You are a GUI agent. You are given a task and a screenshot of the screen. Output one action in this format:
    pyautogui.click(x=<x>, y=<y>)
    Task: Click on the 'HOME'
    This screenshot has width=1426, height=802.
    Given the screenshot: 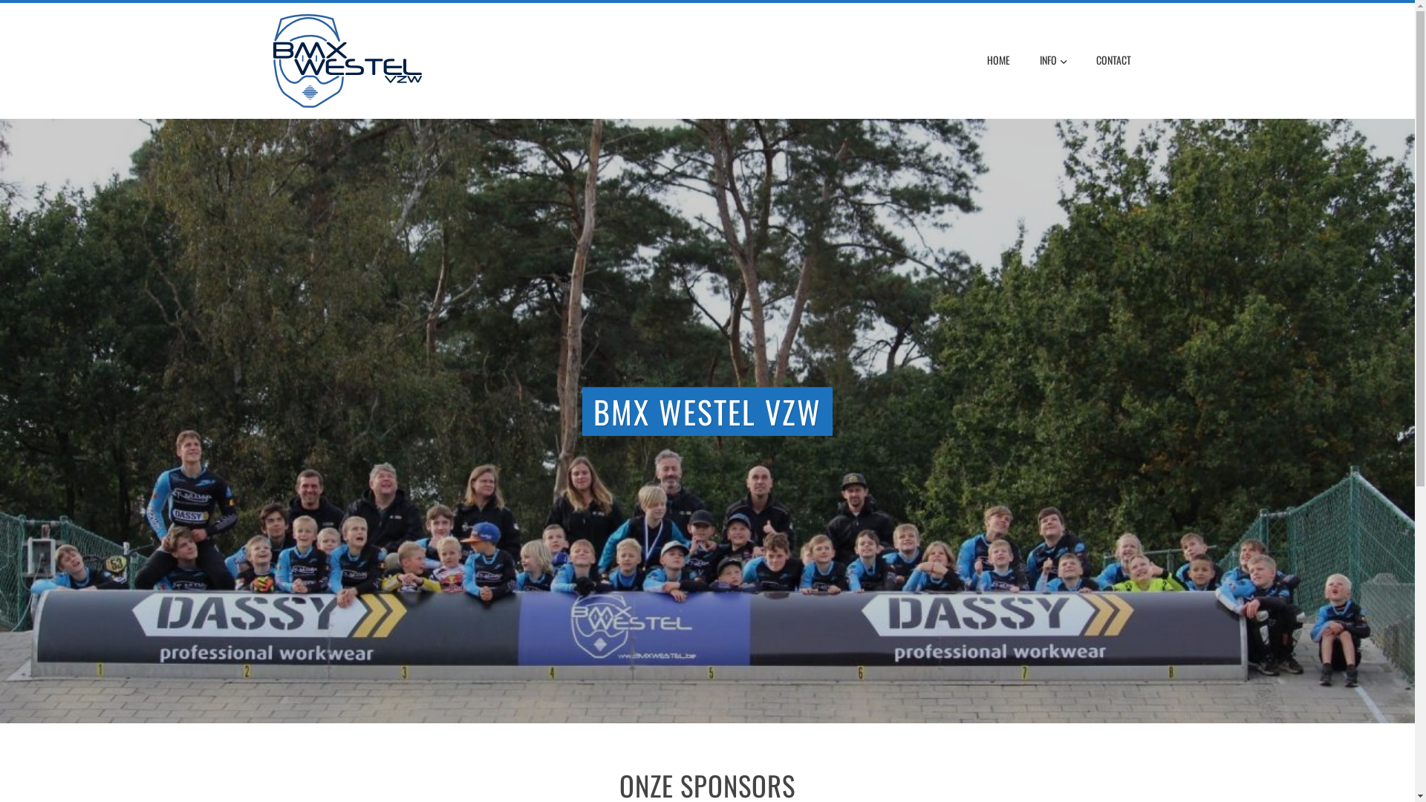 What is the action you would take?
    pyautogui.click(x=998, y=59)
    